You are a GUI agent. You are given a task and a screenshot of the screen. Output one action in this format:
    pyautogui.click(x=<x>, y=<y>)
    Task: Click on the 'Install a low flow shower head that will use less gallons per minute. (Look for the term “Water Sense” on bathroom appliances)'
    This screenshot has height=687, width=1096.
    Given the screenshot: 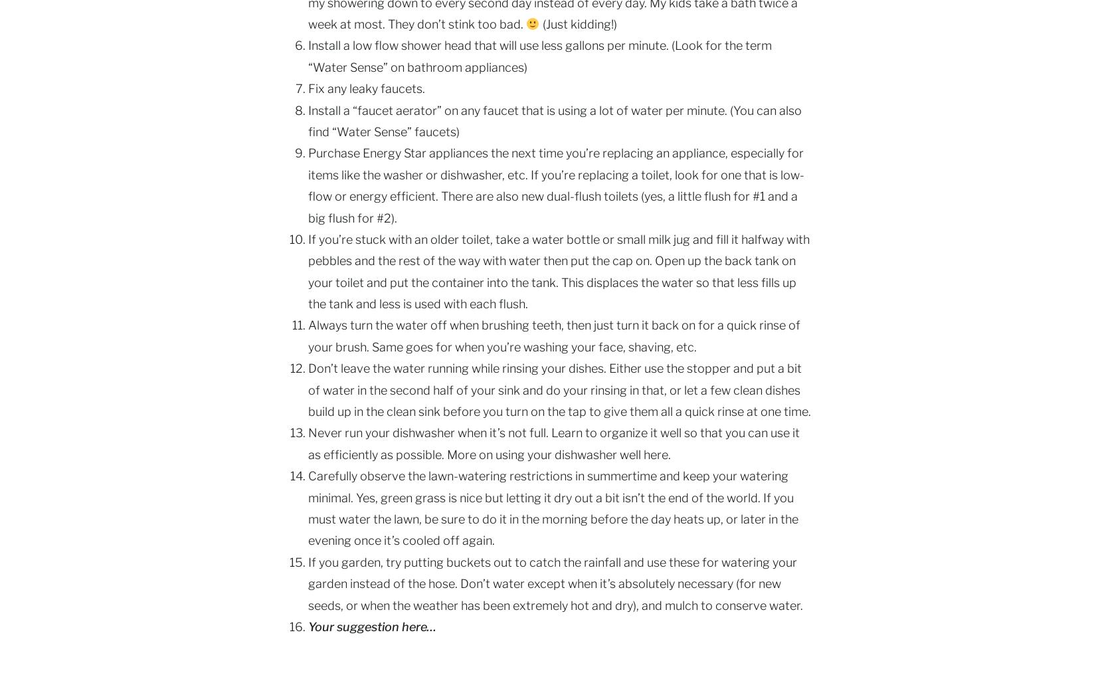 What is the action you would take?
    pyautogui.click(x=307, y=56)
    